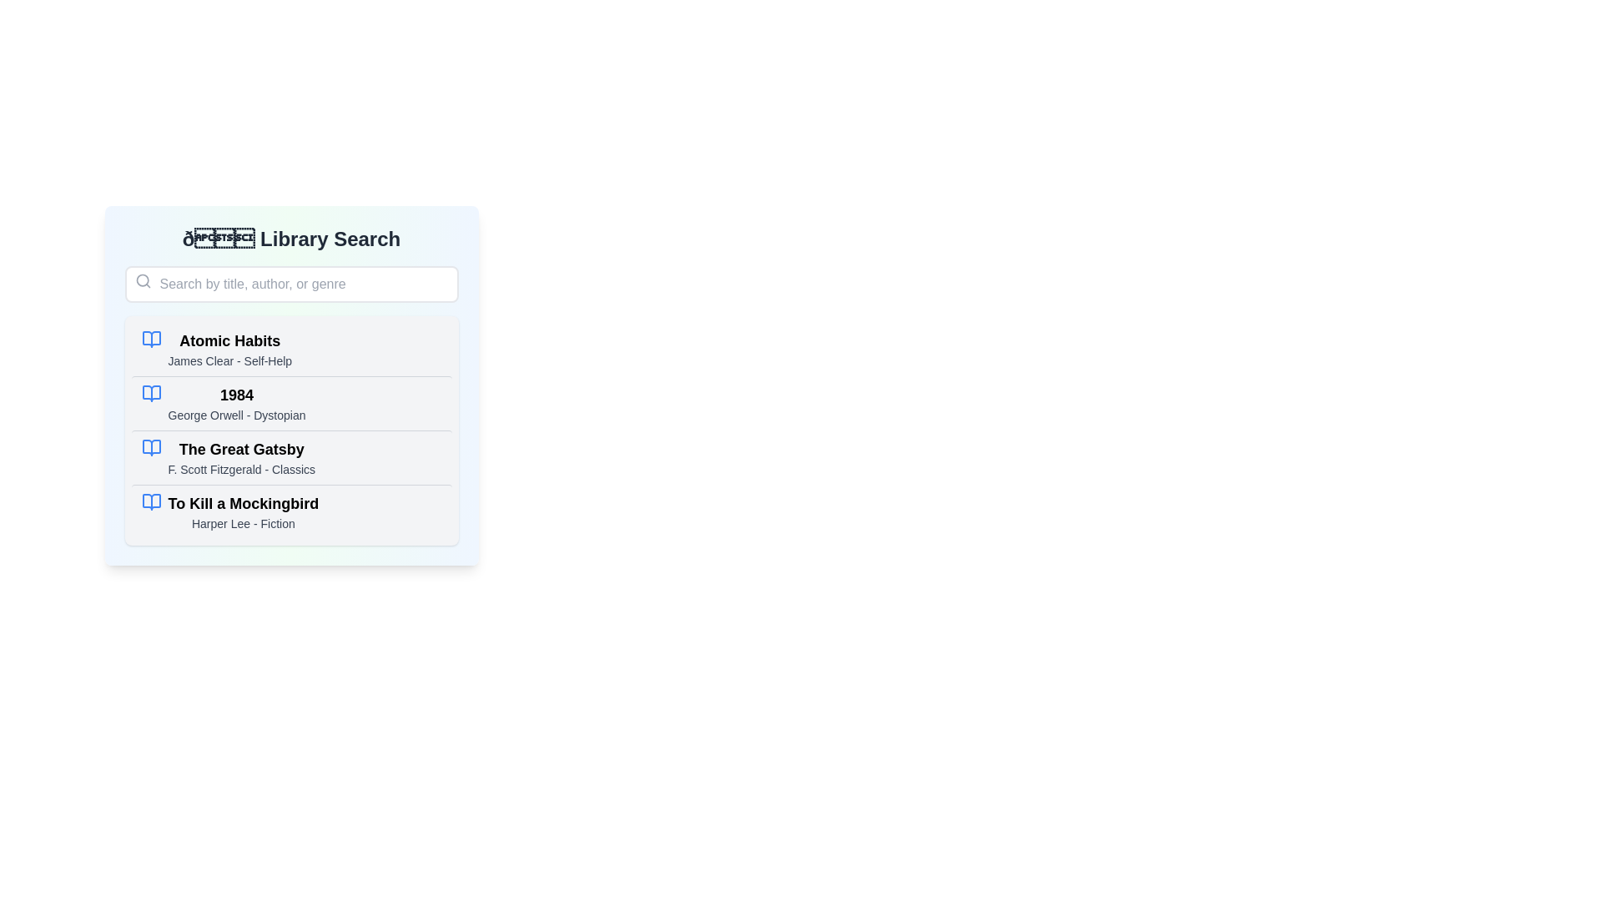  I want to click on the book icon located to the left of the text 'To Kill a Mockingbird' in the library search result list, so click(151, 501).